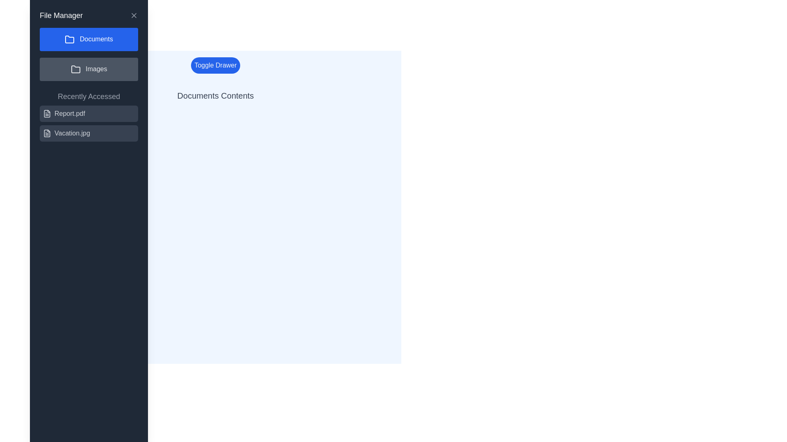 This screenshot has width=787, height=442. Describe the element at coordinates (47, 132) in the screenshot. I see `the file type icon representing 'Vacation.jpg', located in the sidebar under 'Recently Accessed', positioned to the left of the entry` at that location.